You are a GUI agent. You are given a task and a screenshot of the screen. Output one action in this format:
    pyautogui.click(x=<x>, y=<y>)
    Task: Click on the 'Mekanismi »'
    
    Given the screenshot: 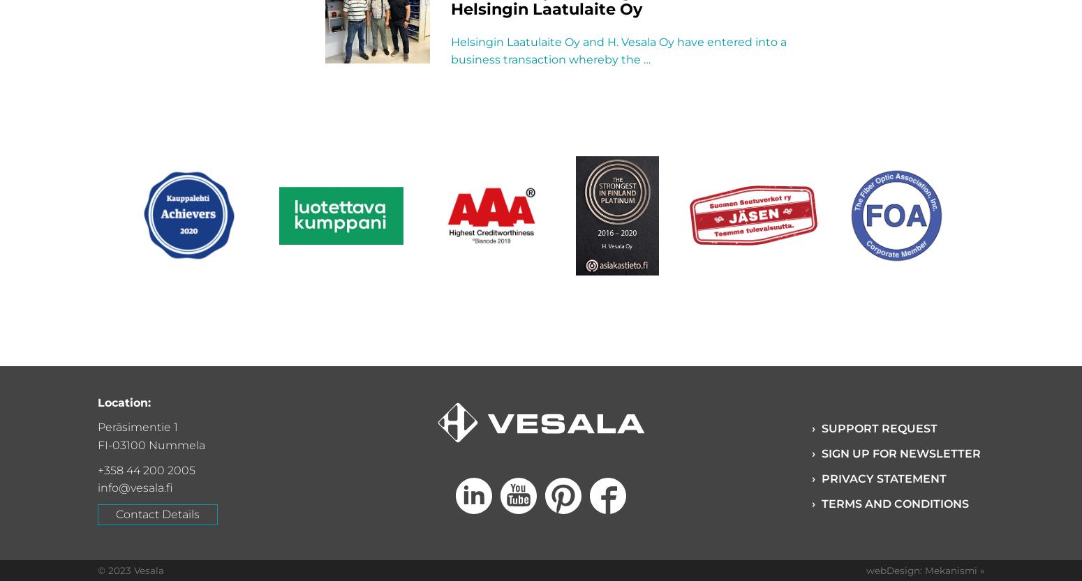 What is the action you would take?
    pyautogui.click(x=954, y=569)
    